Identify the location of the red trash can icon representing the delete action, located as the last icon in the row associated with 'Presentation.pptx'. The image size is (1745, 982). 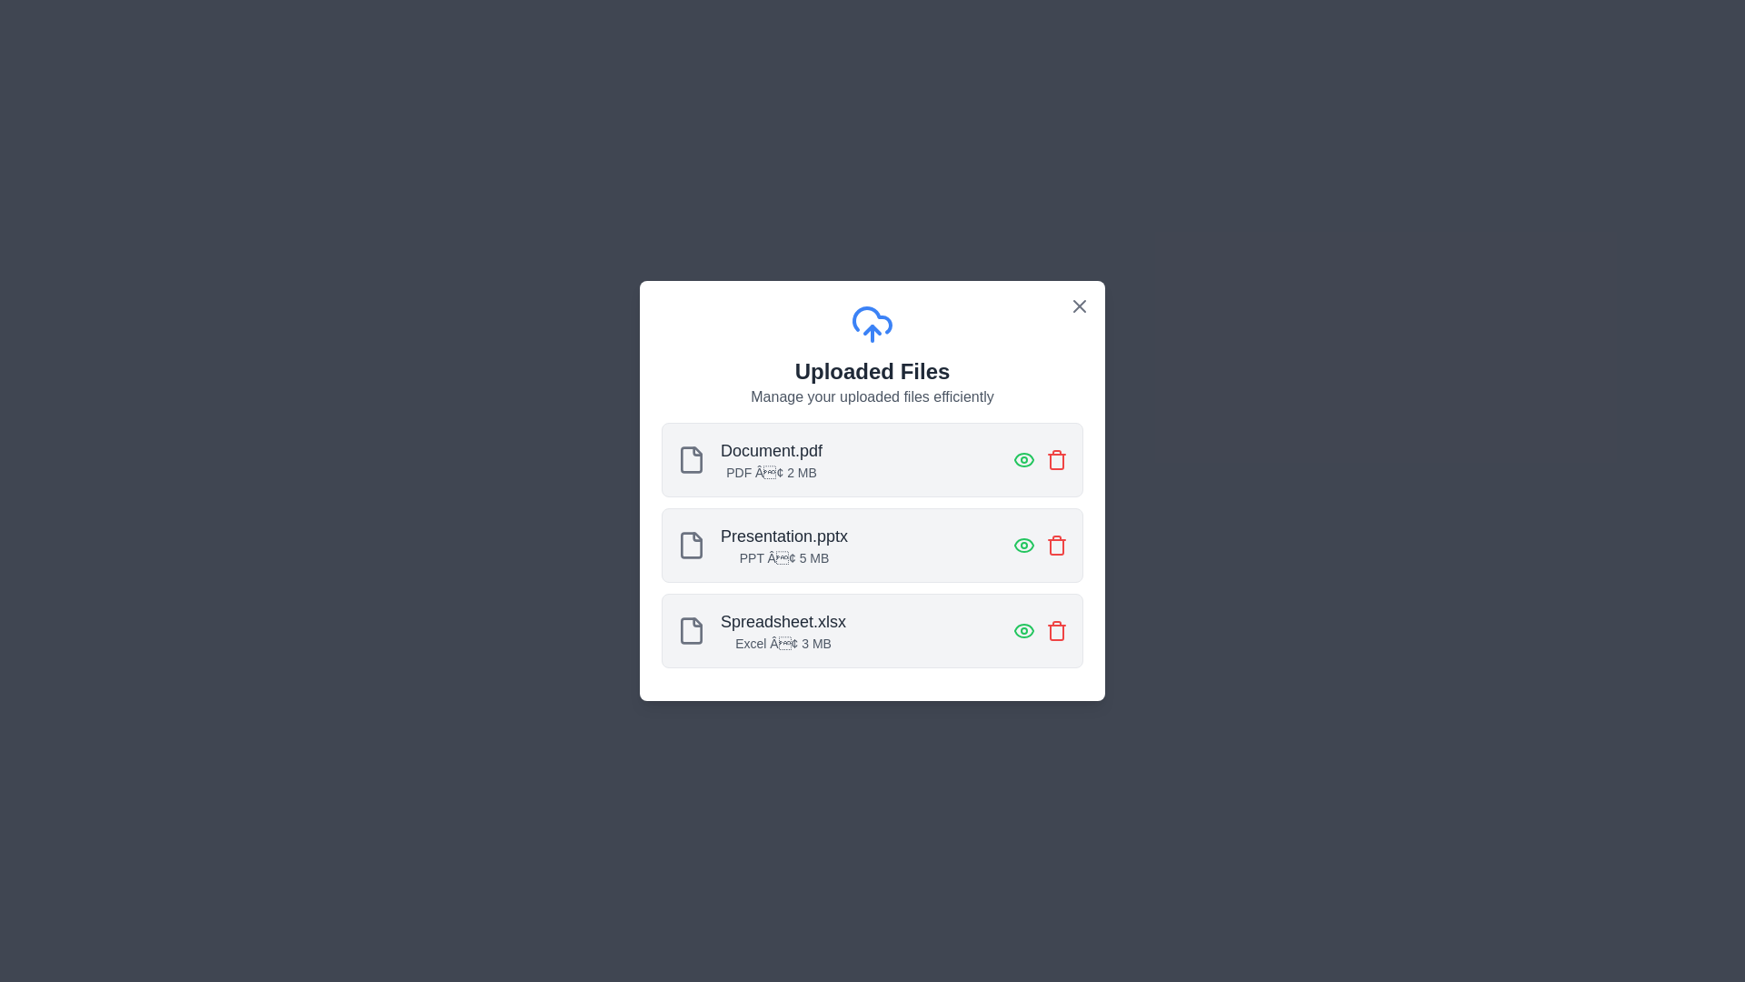
(1056, 545).